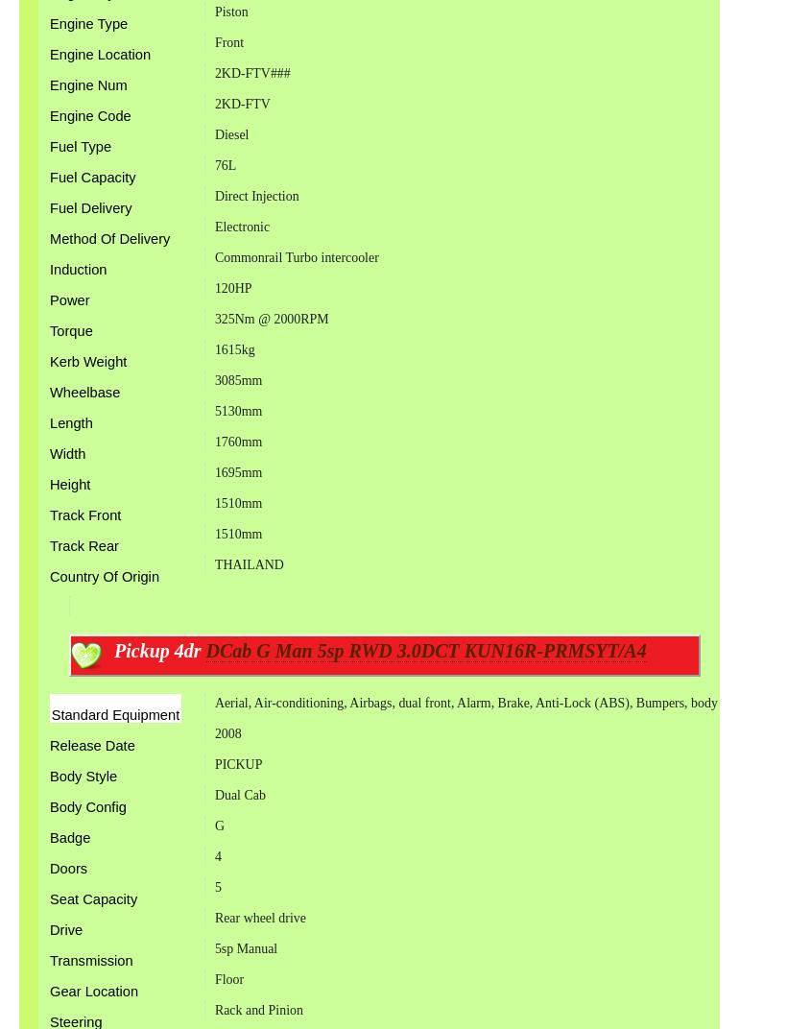 This screenshot has width=811, height=1029. Describe the element at coordinates (159, 648) in the screenshot. I see `'Pickup 4dr'` at that location.